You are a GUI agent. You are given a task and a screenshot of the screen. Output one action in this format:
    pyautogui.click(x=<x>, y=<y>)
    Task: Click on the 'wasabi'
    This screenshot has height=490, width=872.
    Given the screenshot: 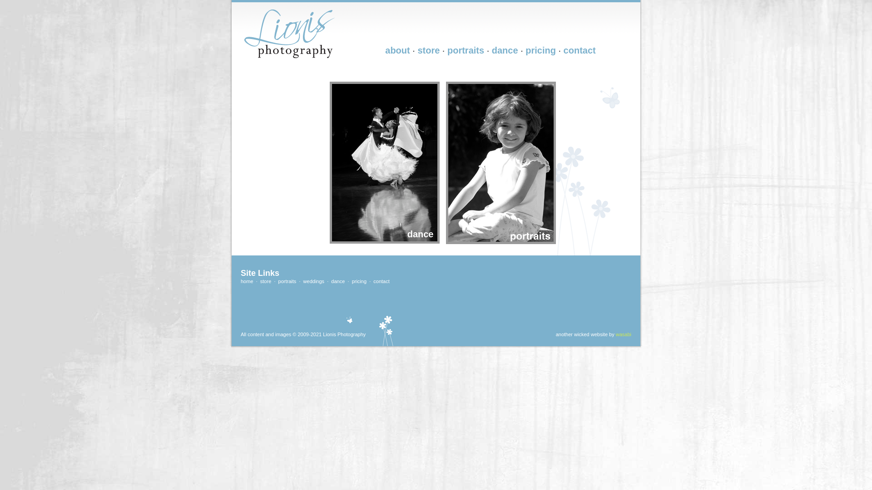 What is the action you would take?
    pyautogui.click(x=623, y=334)
    